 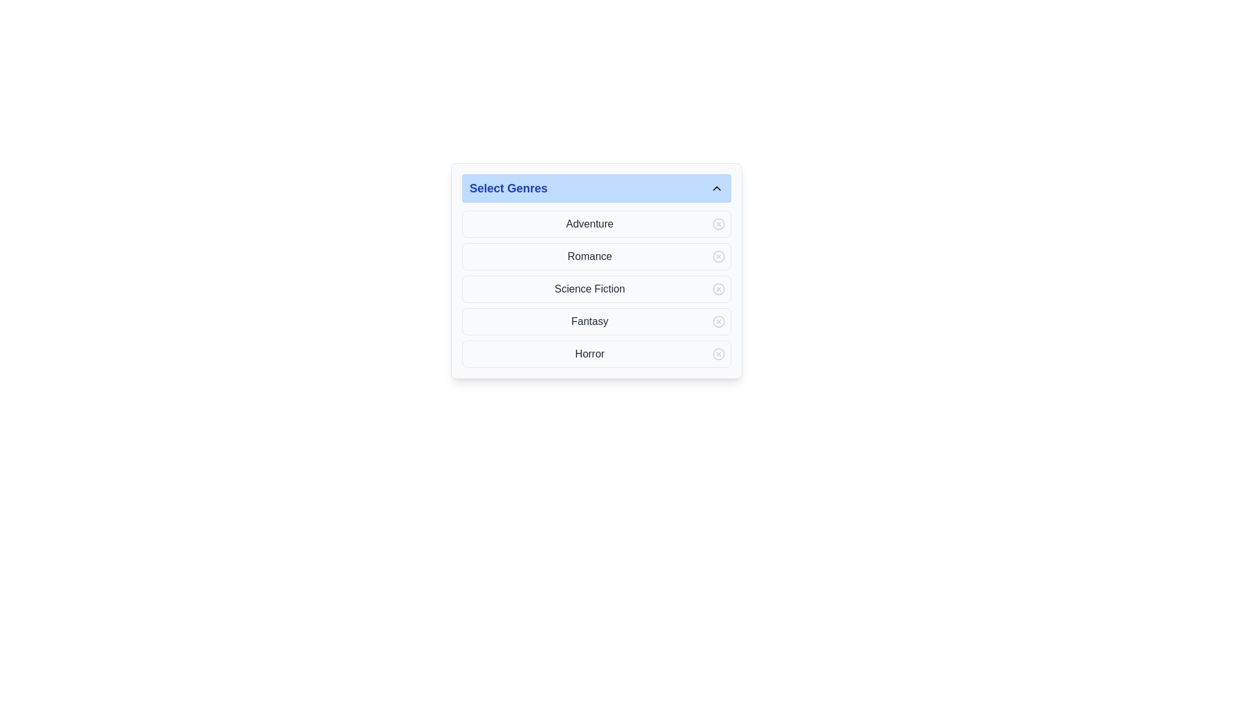 What do you see at coordinates (718, 321) in the screenshot?
I see `the icon located to the far right of the 'Fantasy' label in the vertical list of genres` at bounding box center [718, 321].